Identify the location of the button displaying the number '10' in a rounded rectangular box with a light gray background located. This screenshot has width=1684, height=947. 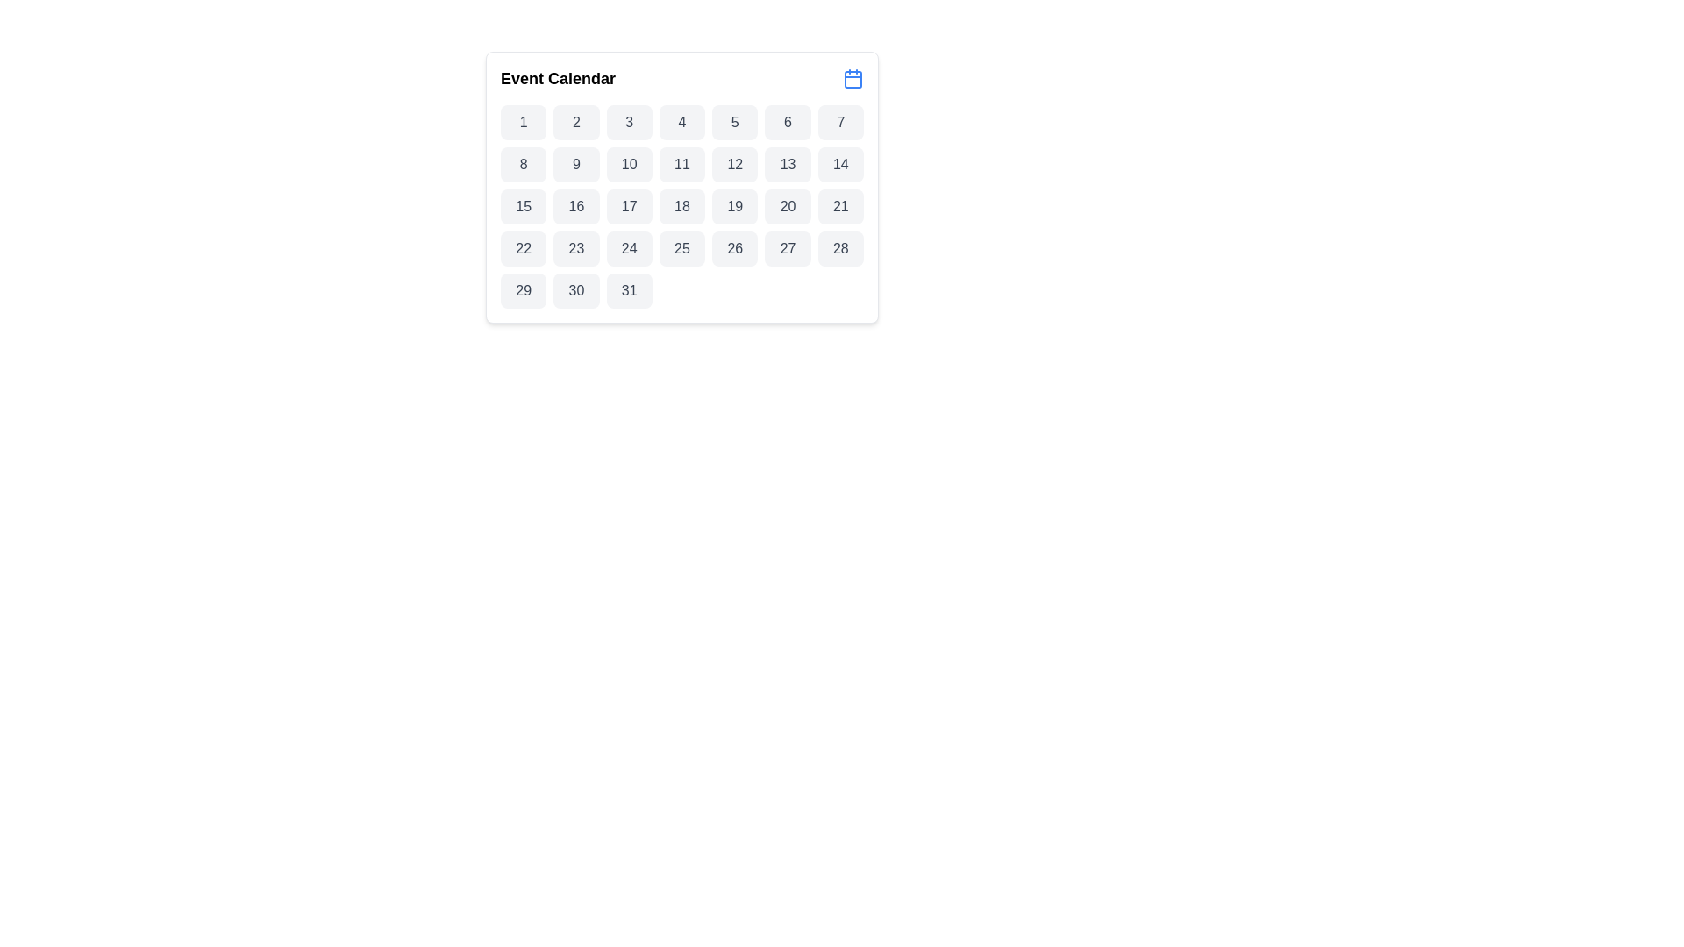
(629, 165).